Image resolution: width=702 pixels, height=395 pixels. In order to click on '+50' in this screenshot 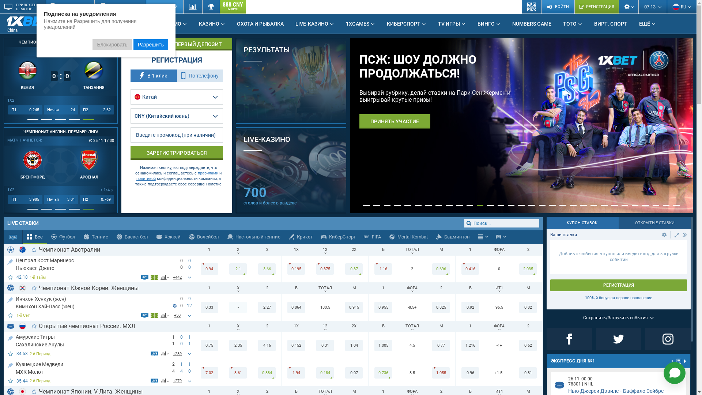, I will do `click(177, 315)`.